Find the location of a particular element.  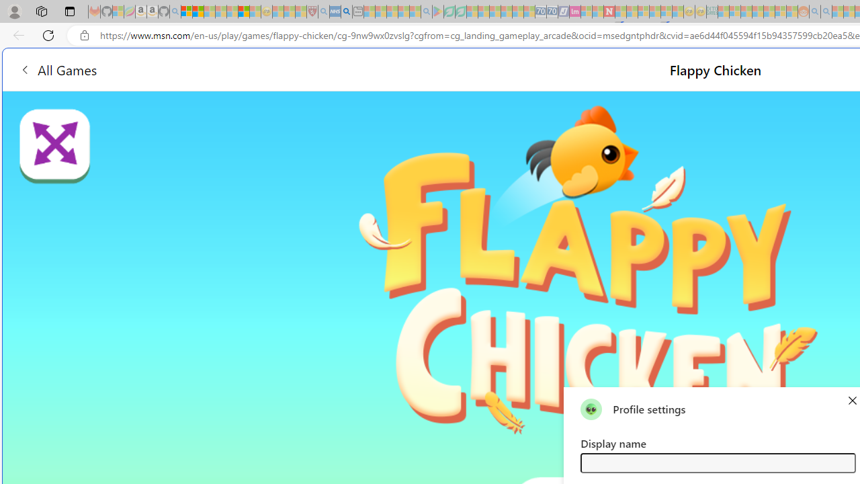

'Robert H. Shmerling, MD - Harvard Health - Sleeping' is located at coordinates (312, 11).